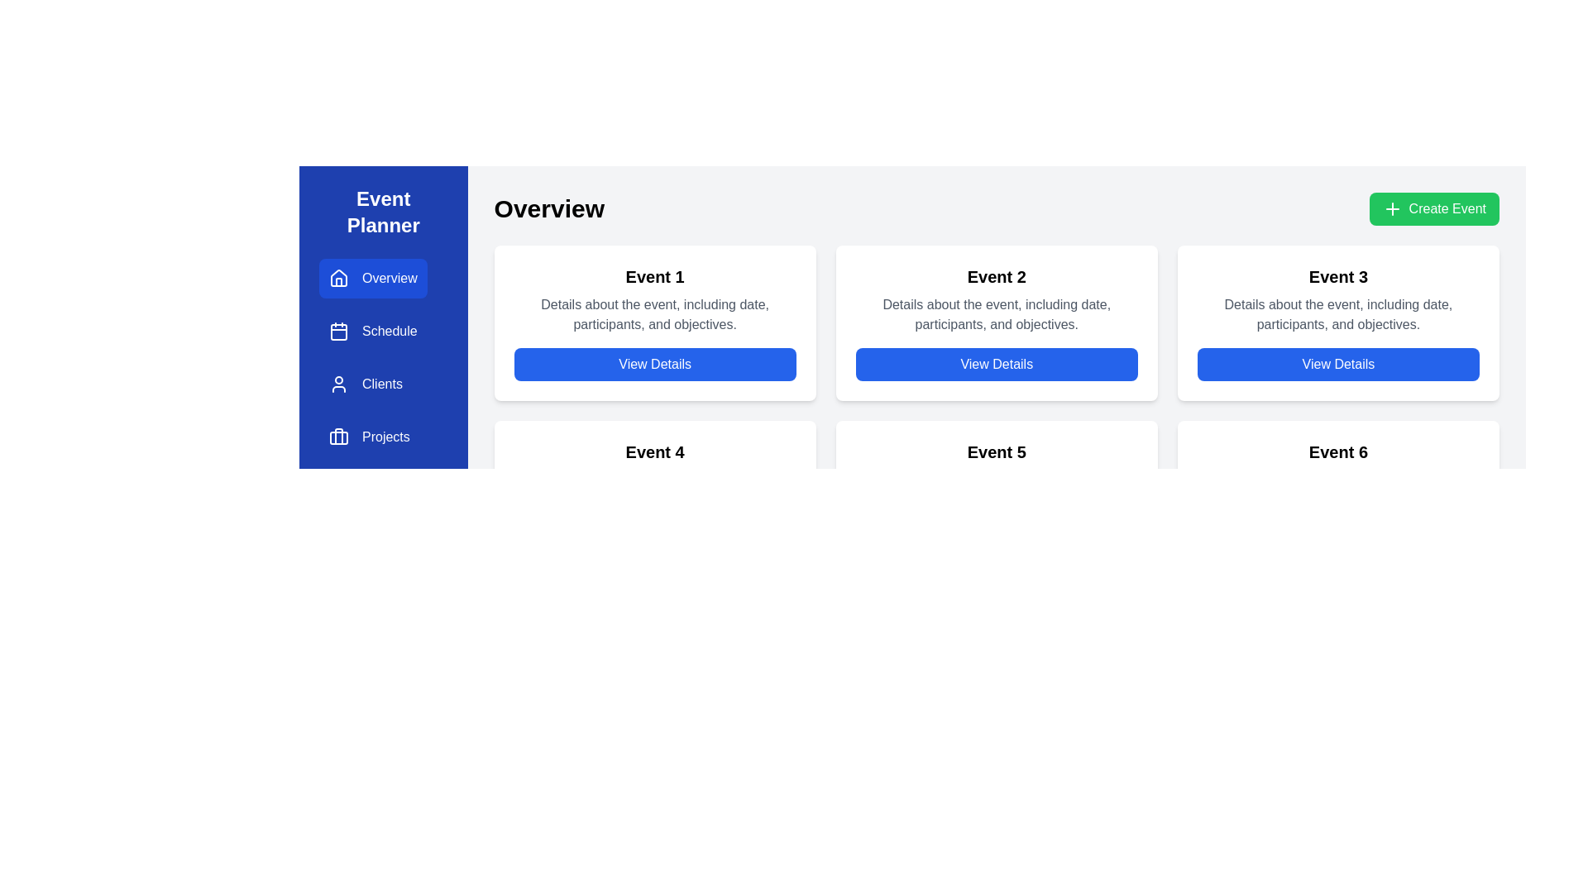  What do you see at coordinates (372, 384) in the screenshot?
I see `the third item in the Navigation menu located in the left sidebar beneath the 'Event Planner' heading` at bounding box center [372, 384].